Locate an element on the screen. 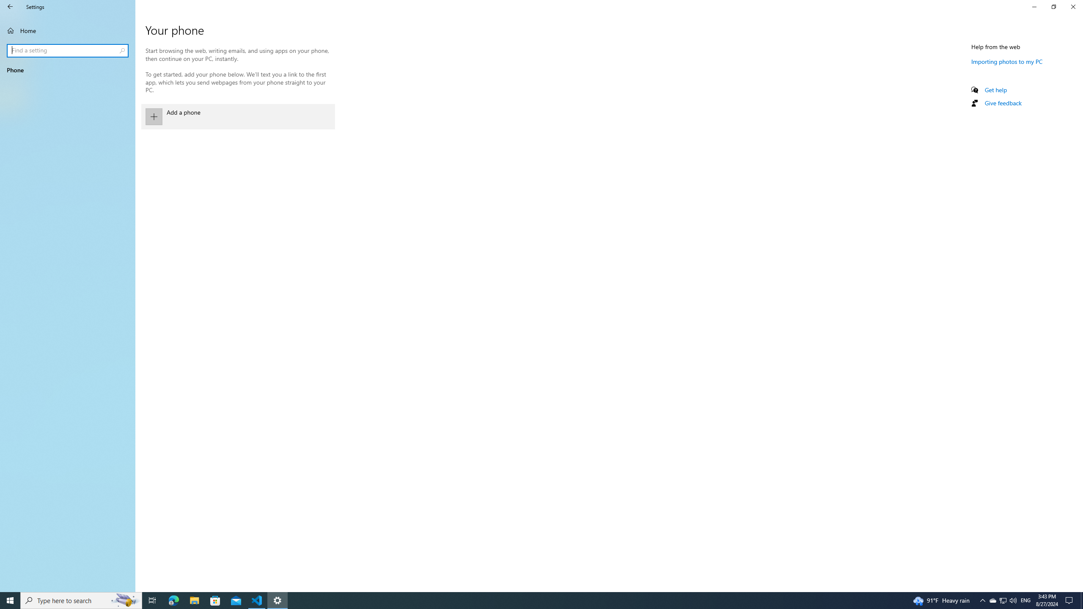  'Settings - 1 running window' is located at coordinates (278, 600).